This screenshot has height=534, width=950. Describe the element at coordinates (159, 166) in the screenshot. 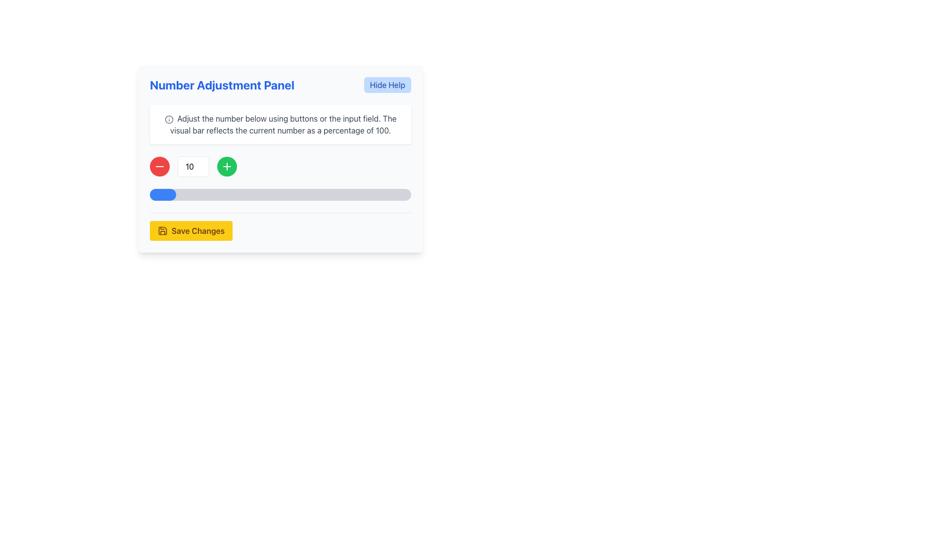

I see `the minus icon, which is a horizontal line icon centered within a circular red button located to the left of the number field in the 'Number Adjustment Panel', to decrease the value` at that location.